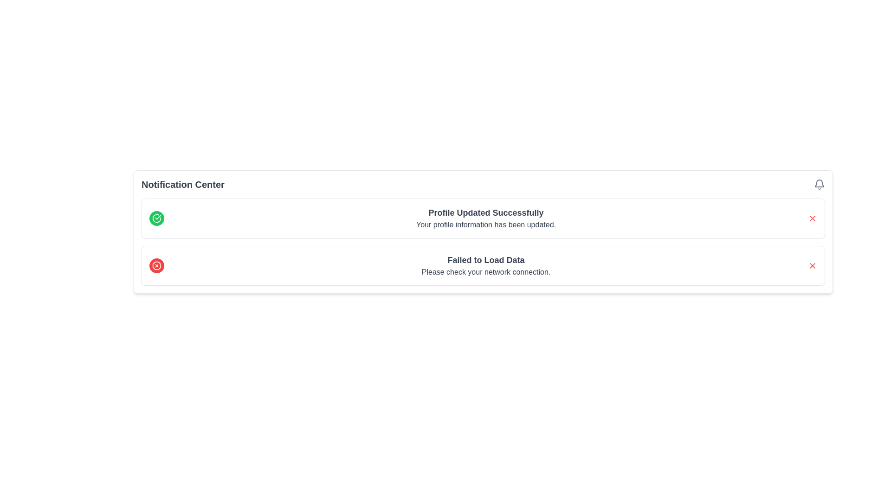 The height and width of the screenshot is (501, 891). I want to click on the circular green icon with a white check mark, so click(156, 218).